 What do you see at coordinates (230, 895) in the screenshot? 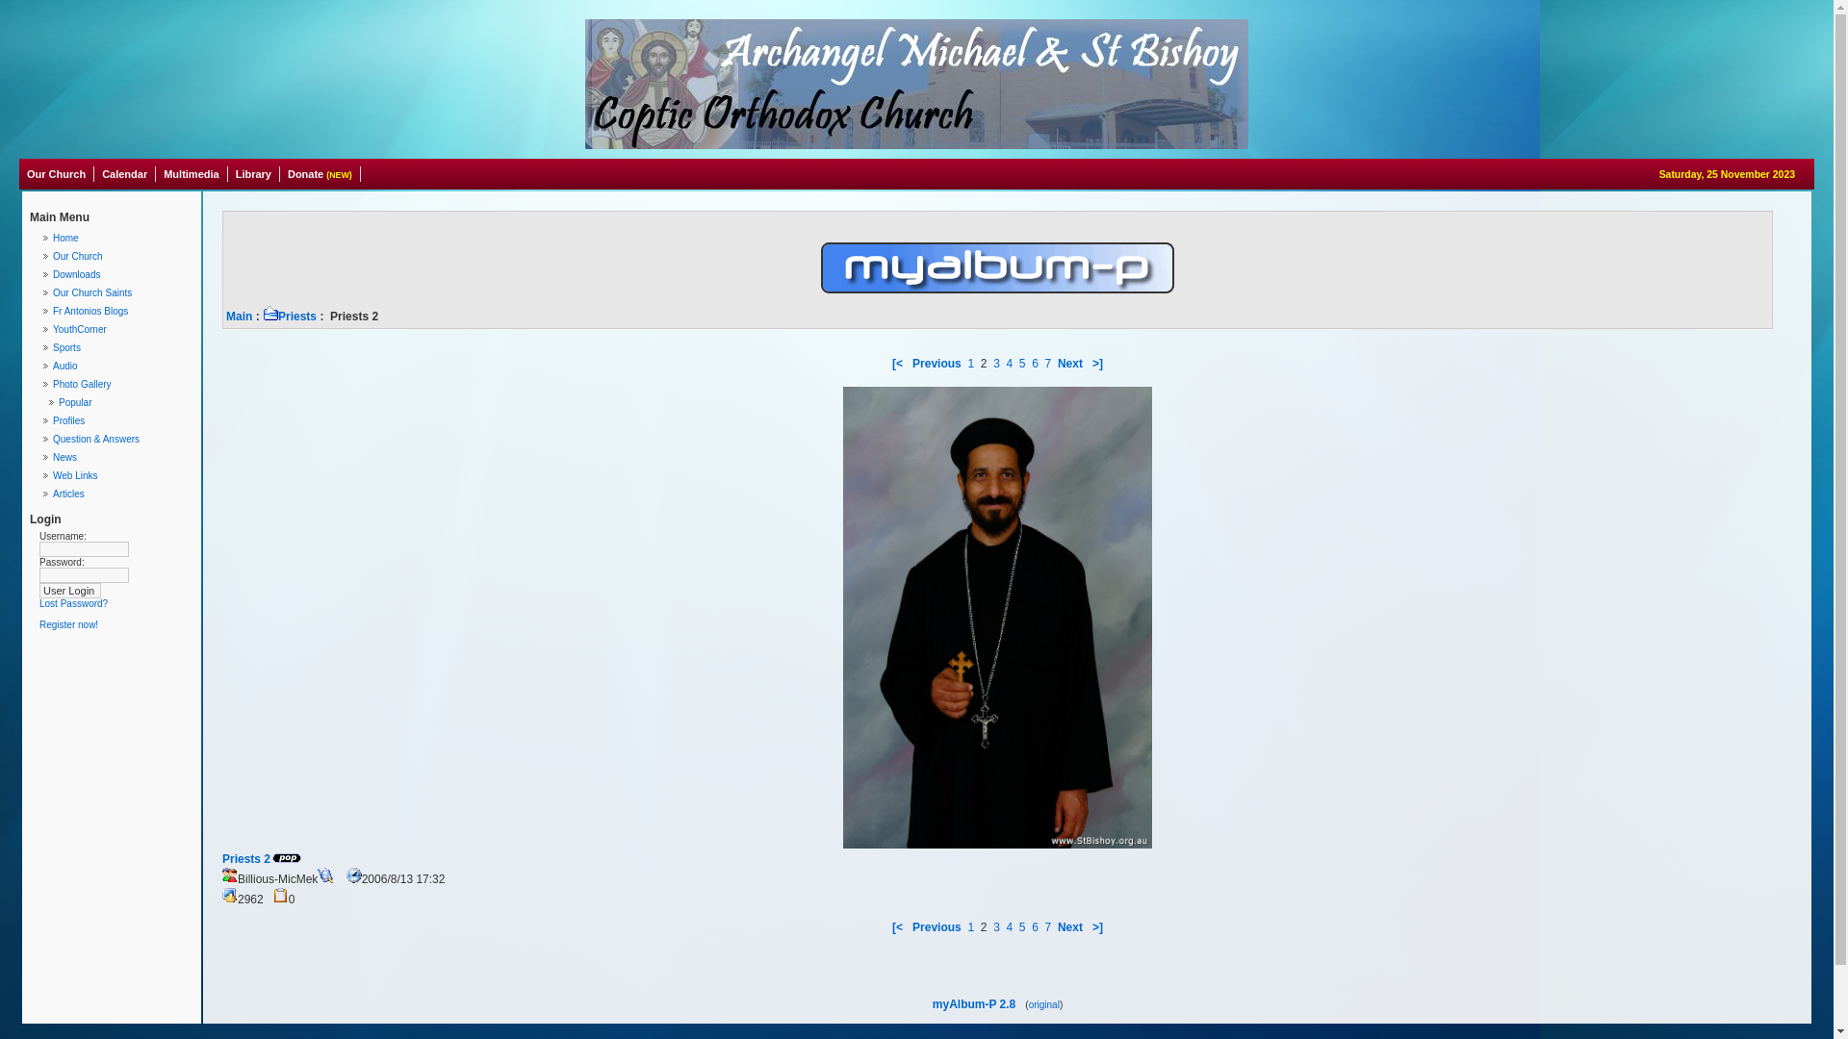
I see `'Hits'` at bounding box center [230, 895].